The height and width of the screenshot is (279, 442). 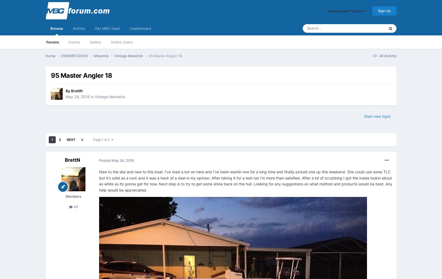 What do you see at coordinates (349, 92) in the screenshot?
I see `'Images'` at bounding box center [349, 92].